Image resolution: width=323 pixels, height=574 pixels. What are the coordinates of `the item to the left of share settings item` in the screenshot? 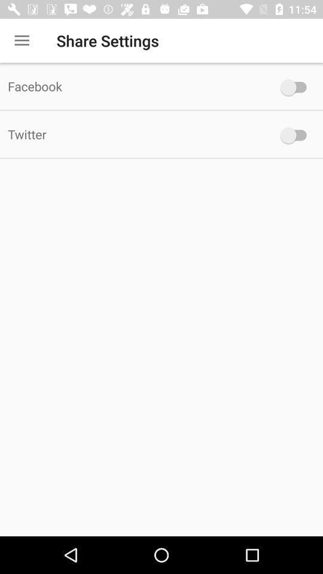 It's located at (22, 41).